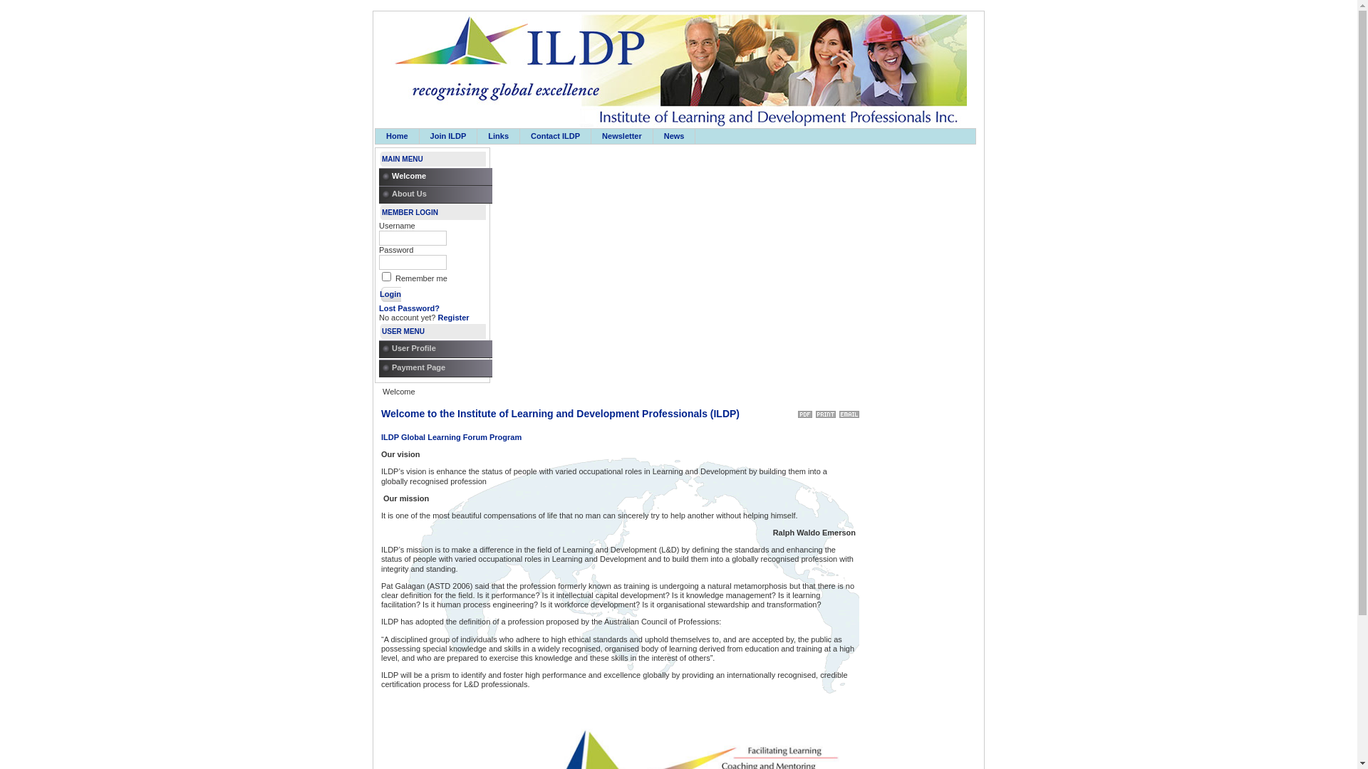 This screenshot has height=769, width=1368. Describe the element at coordinates (437, 194) in the screenshot. I see `'About Us'` at that location.